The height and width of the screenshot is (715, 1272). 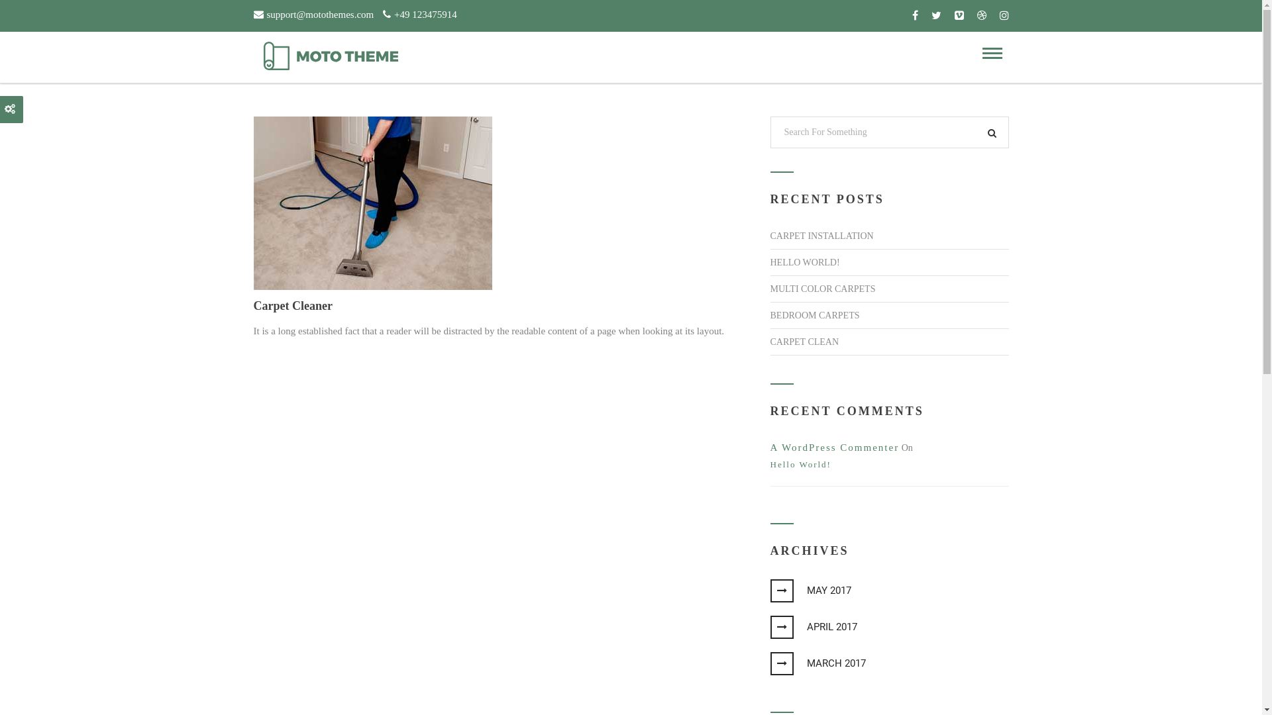 I want to click on 'CARPET INSTALLATION', so click(x=820, y=235).